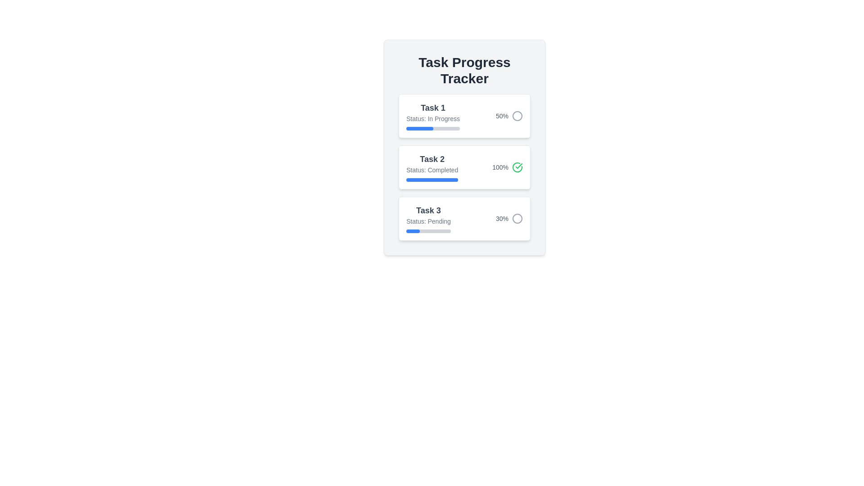 The image size is (864, 486). I want to click on the text label indicating the completion percentage of the task associated with 'Task 3: Status: Pending', located to the right of the 'Status: Pending' text and near a circular icon, so click(501, 219).